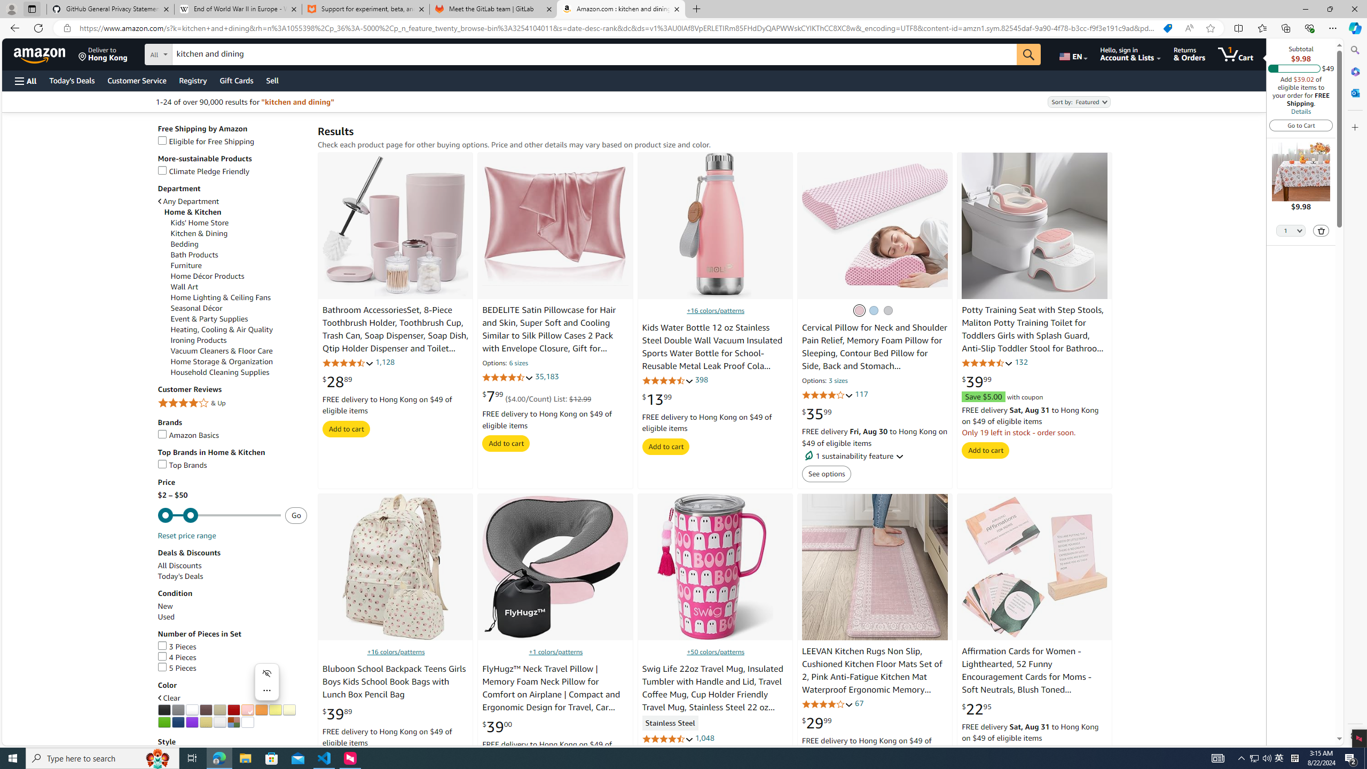  Describe the element at coordinates (1078, 101) in the screenshot. I see `'Sort by:'` at that location.